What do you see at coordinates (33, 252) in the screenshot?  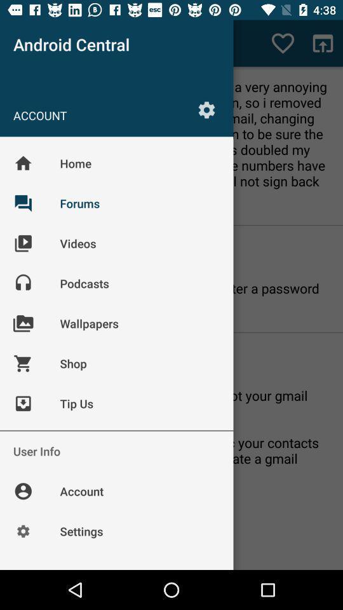 I see `the symbol left to videos` at bounding box center [33, 252].